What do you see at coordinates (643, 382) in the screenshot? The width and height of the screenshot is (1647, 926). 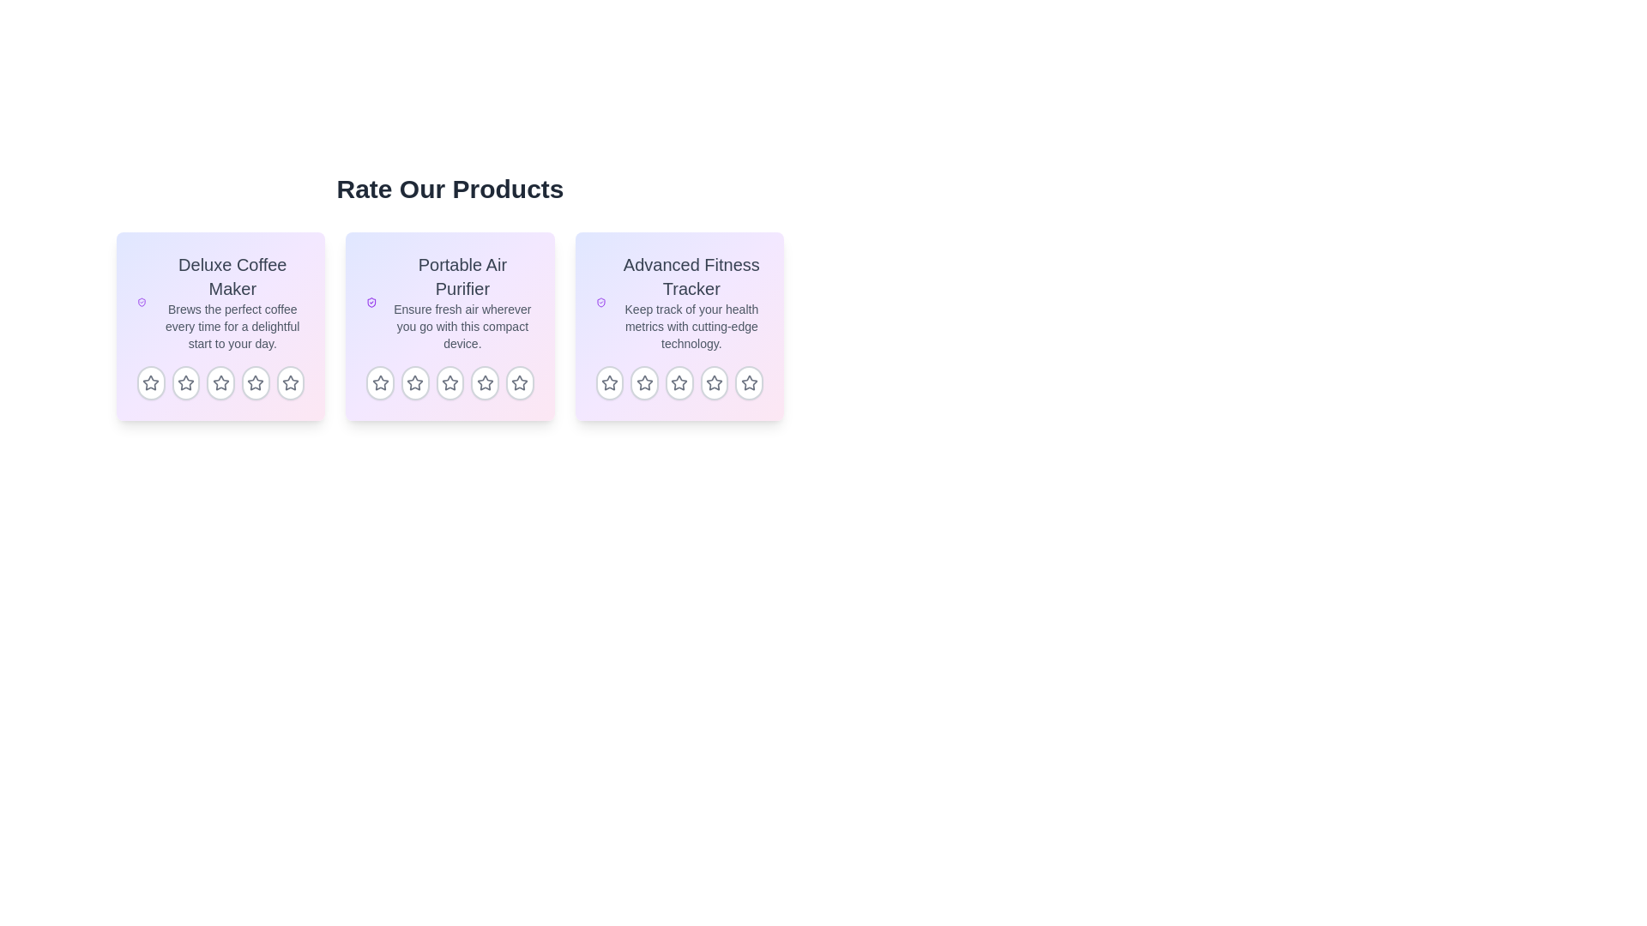 I see `the third star icon in the rating bar of the 'Advanced Fitness Tracker' card` at bounding box center [643, 382].